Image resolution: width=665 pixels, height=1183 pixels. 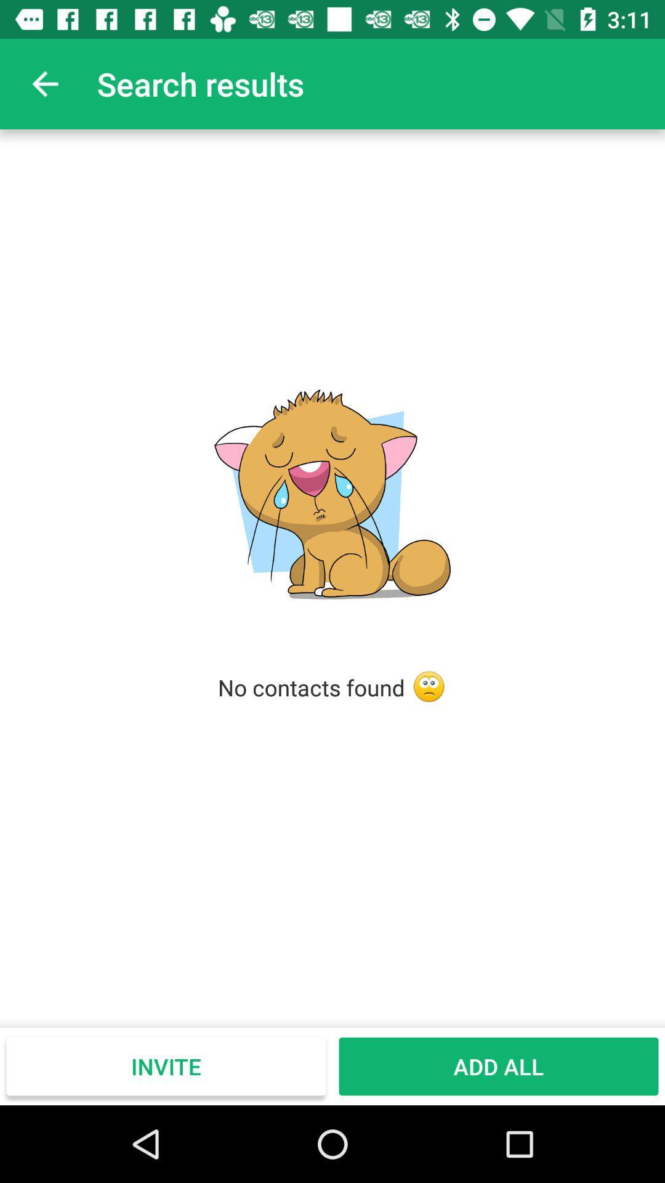 I want to click on the icon to the right of the invite, so click(x=499, y=1066).